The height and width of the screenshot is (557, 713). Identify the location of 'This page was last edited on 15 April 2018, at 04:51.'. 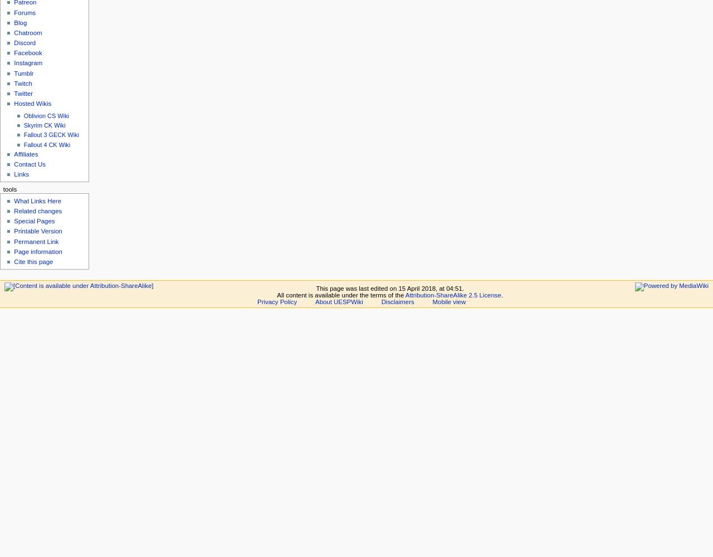
(389, 289).